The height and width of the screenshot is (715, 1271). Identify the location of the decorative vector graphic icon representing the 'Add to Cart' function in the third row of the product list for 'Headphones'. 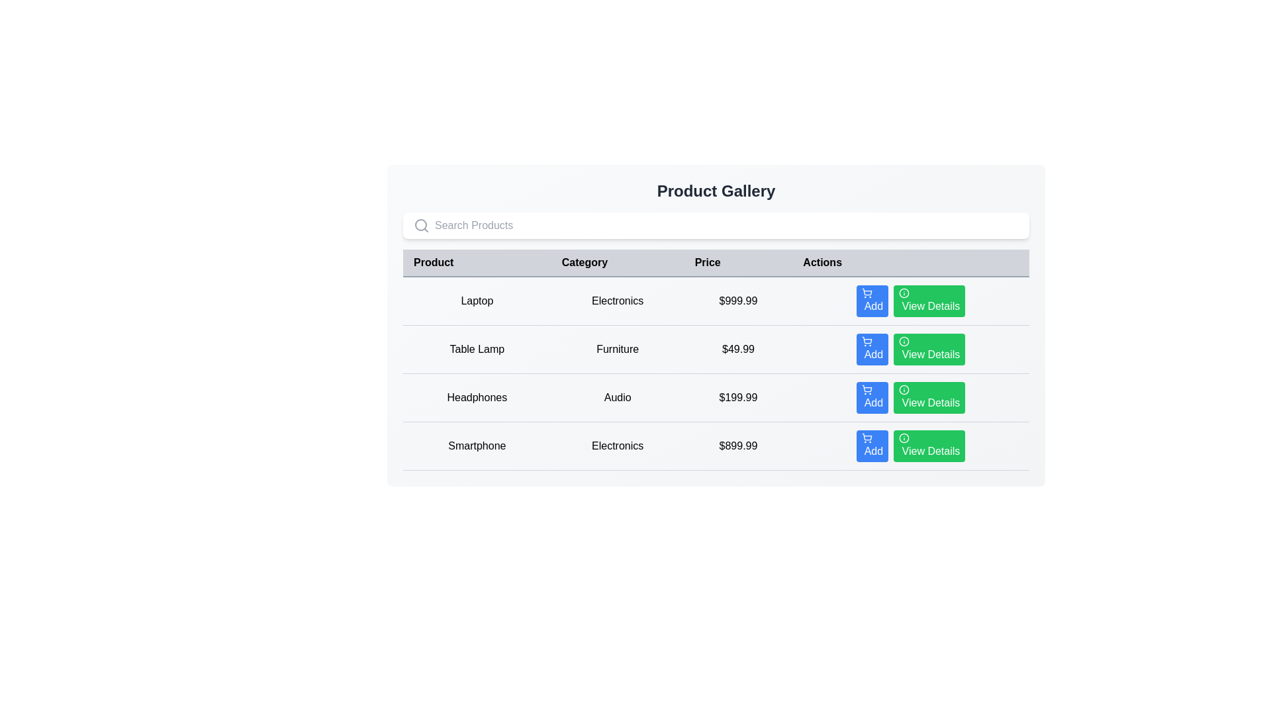
(867, 387).